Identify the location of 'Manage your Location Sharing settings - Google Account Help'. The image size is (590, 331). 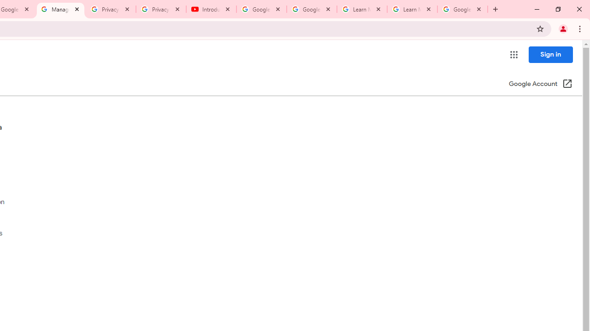
(60, 9).